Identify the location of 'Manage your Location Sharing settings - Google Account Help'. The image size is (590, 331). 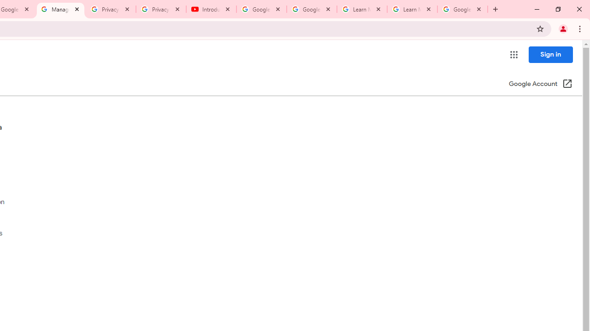
(60, 9).